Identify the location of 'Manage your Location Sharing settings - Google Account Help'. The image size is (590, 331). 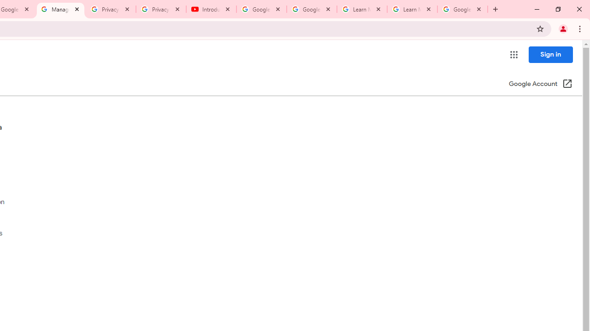
(60, 9).